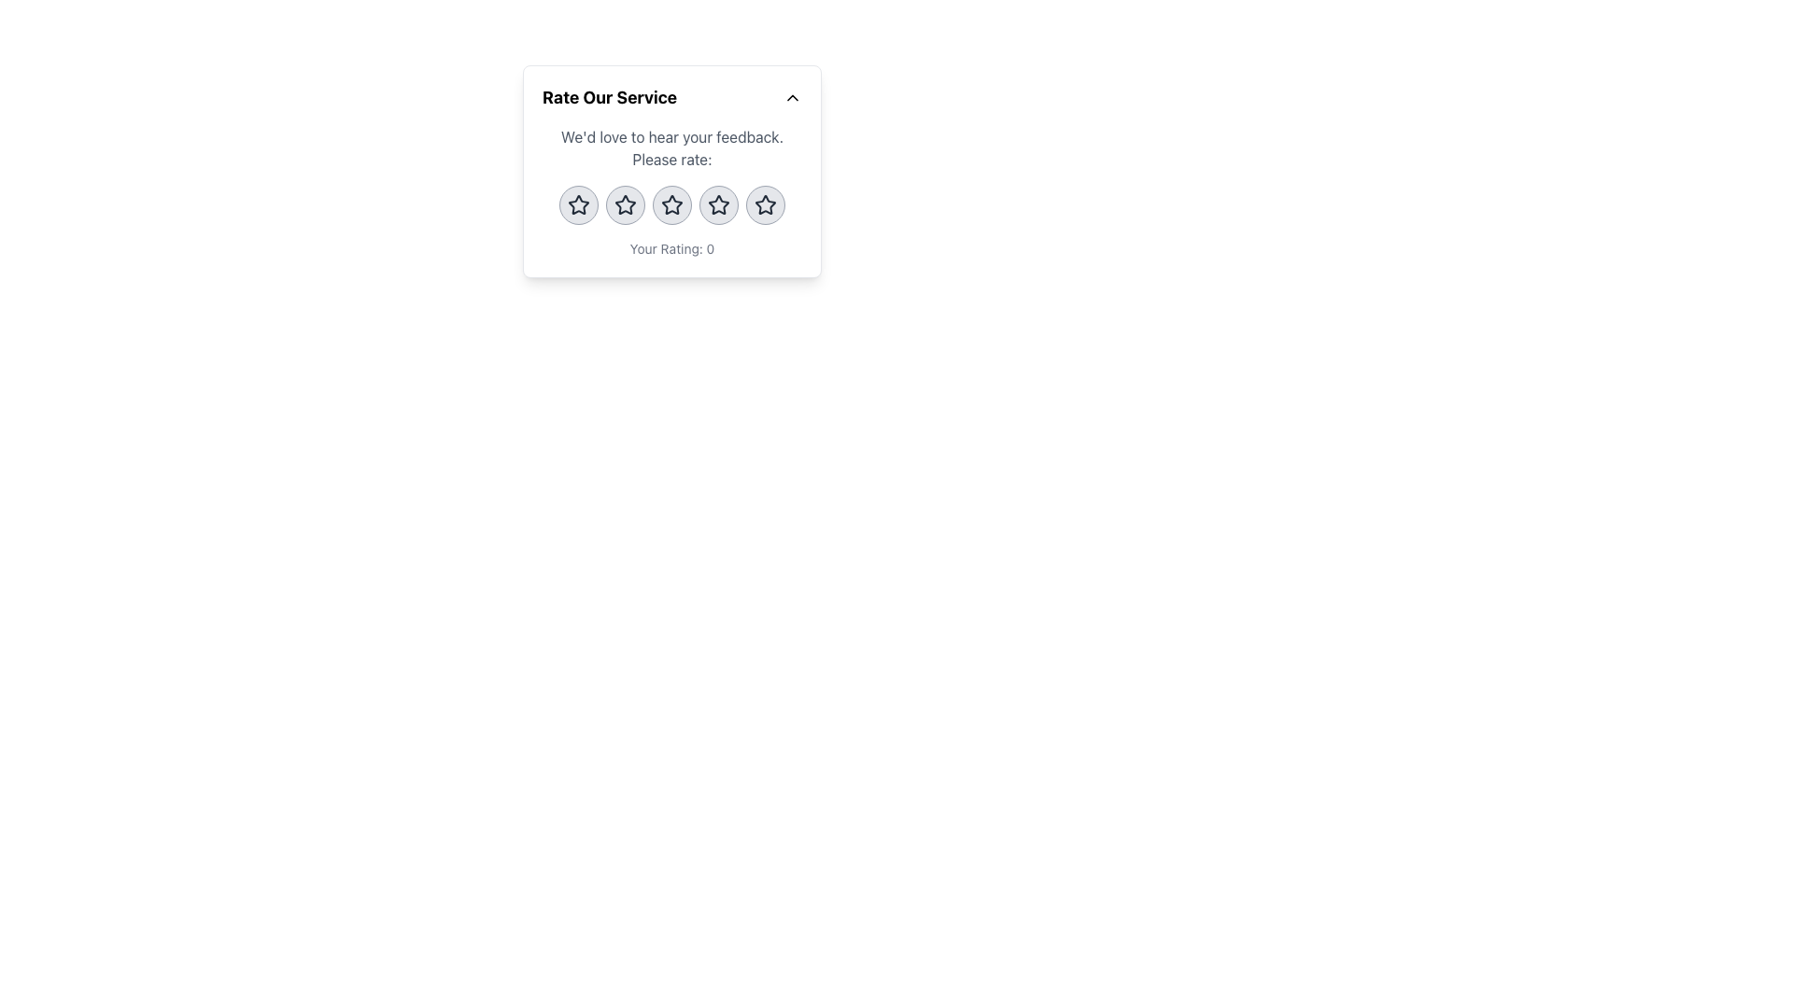 This screenshot has width=1793, height=1008. I want to click on the Collapsible Header Title displaying 'Rate Our Service' to emphasize it, so click(672, 97).